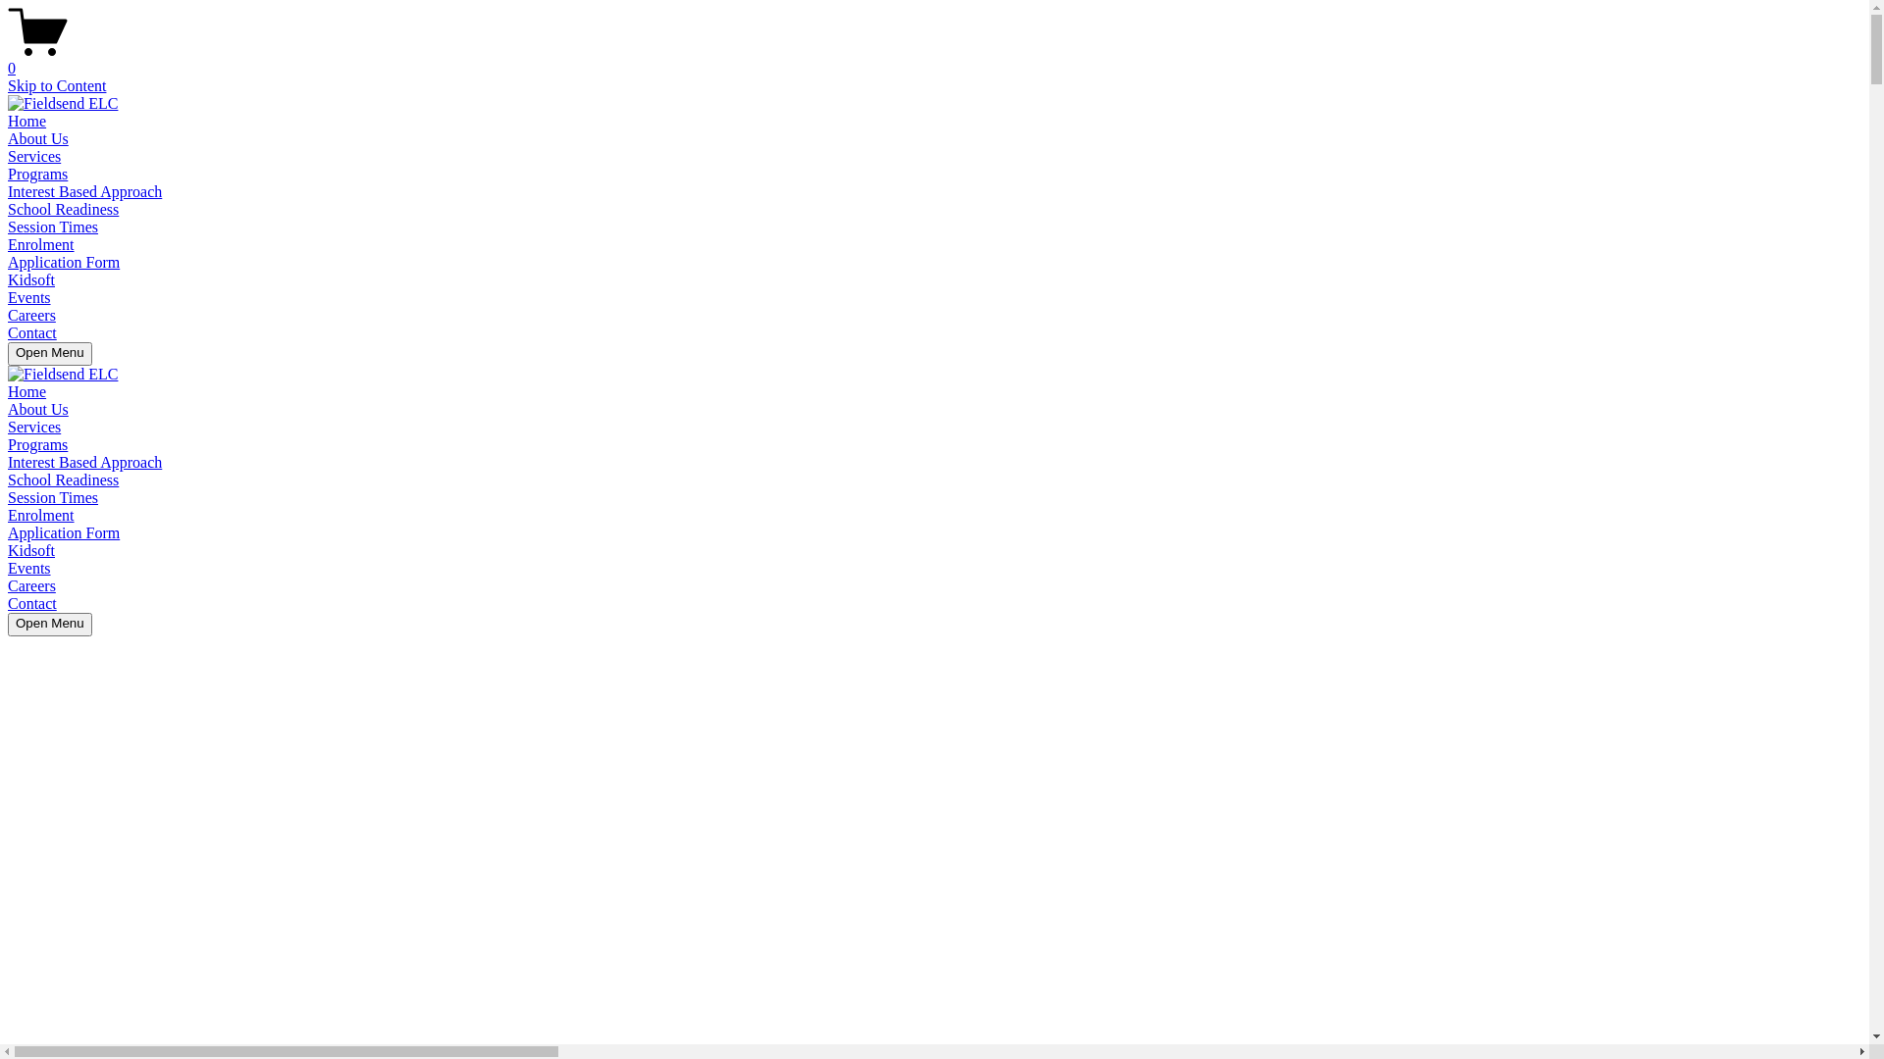 The width and height of the screenshot is (1884, 1059). What do you see at coordinates (8, 191) in the screenshot?
I see `'Interest Based Approach'` at bounding box center [8, 191].